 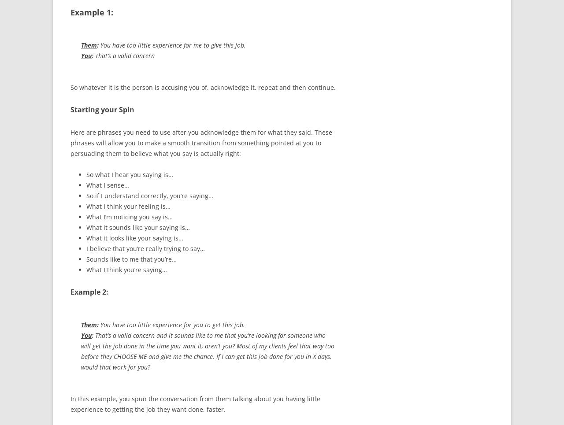 What do you see at coordinates (70, 87) in the screenshot?
I see `'So whatever it is the person is accusing you of, acknowledge it, repeat and then continue.'` at bounding box center [70, 87].